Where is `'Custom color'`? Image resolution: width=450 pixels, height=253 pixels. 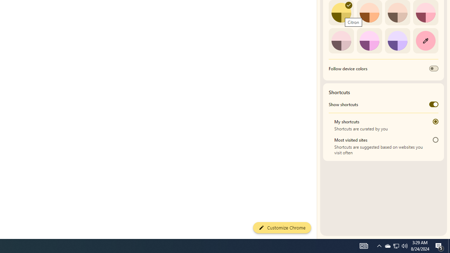 'Custom color' is located at coordinates (425, 40).